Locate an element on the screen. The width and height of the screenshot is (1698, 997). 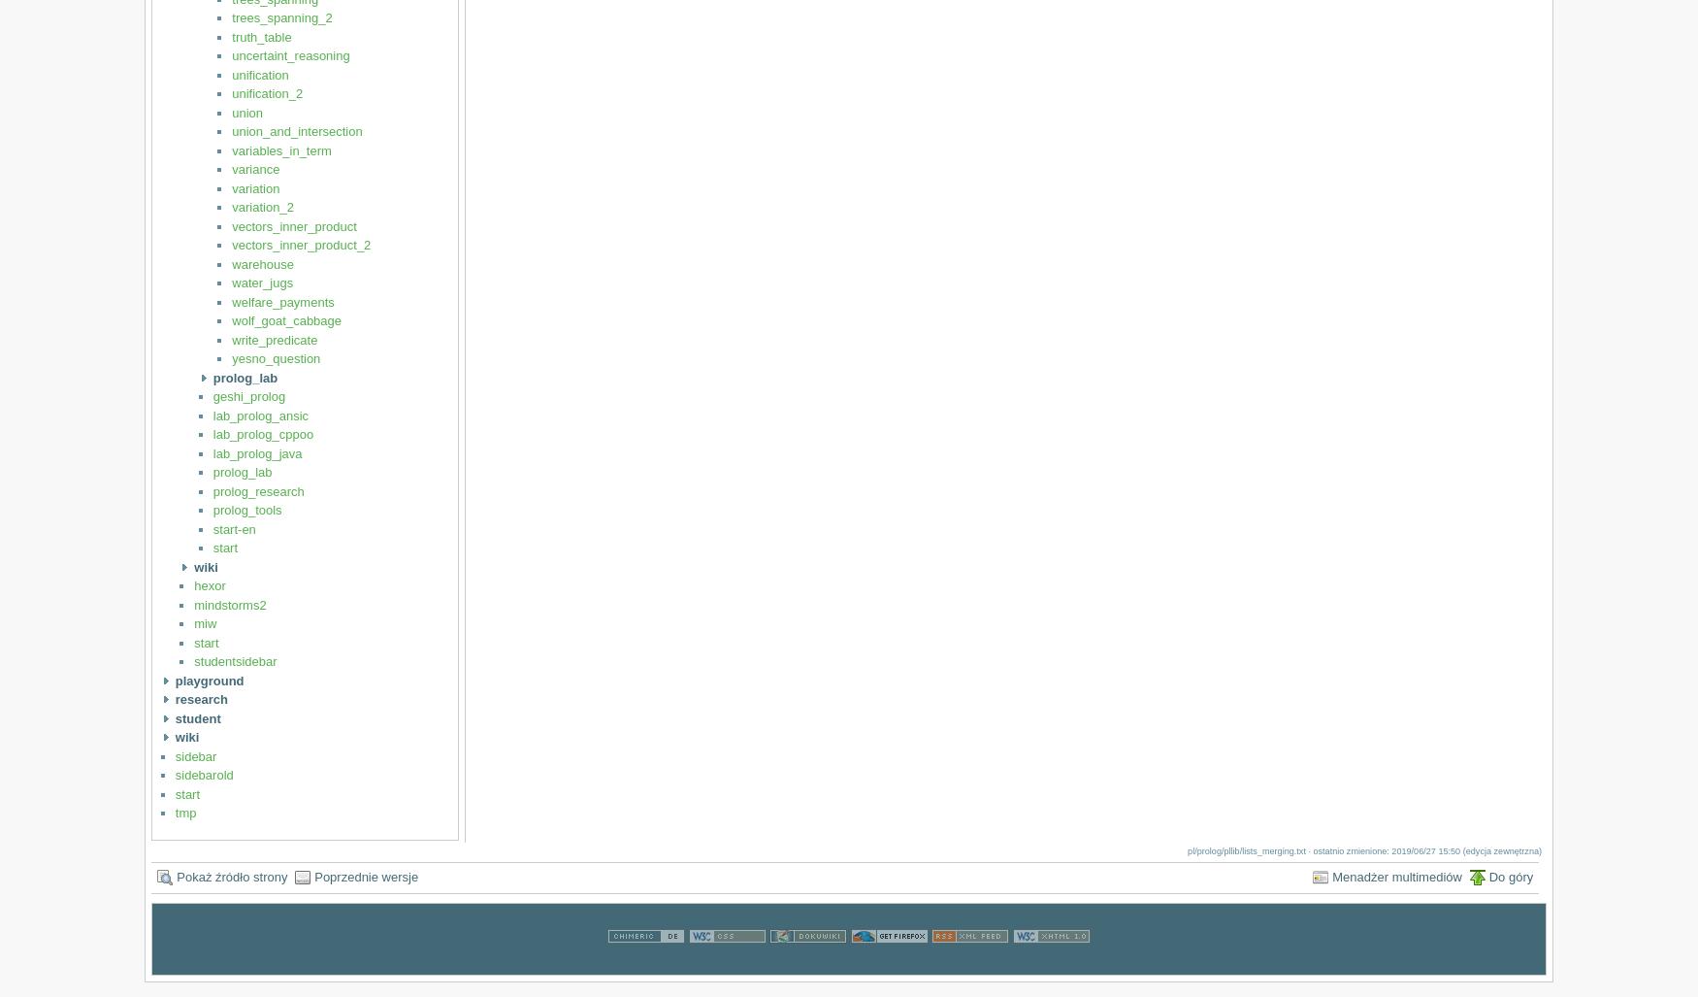
'water_jugs' is located at coordinates (261, 282).